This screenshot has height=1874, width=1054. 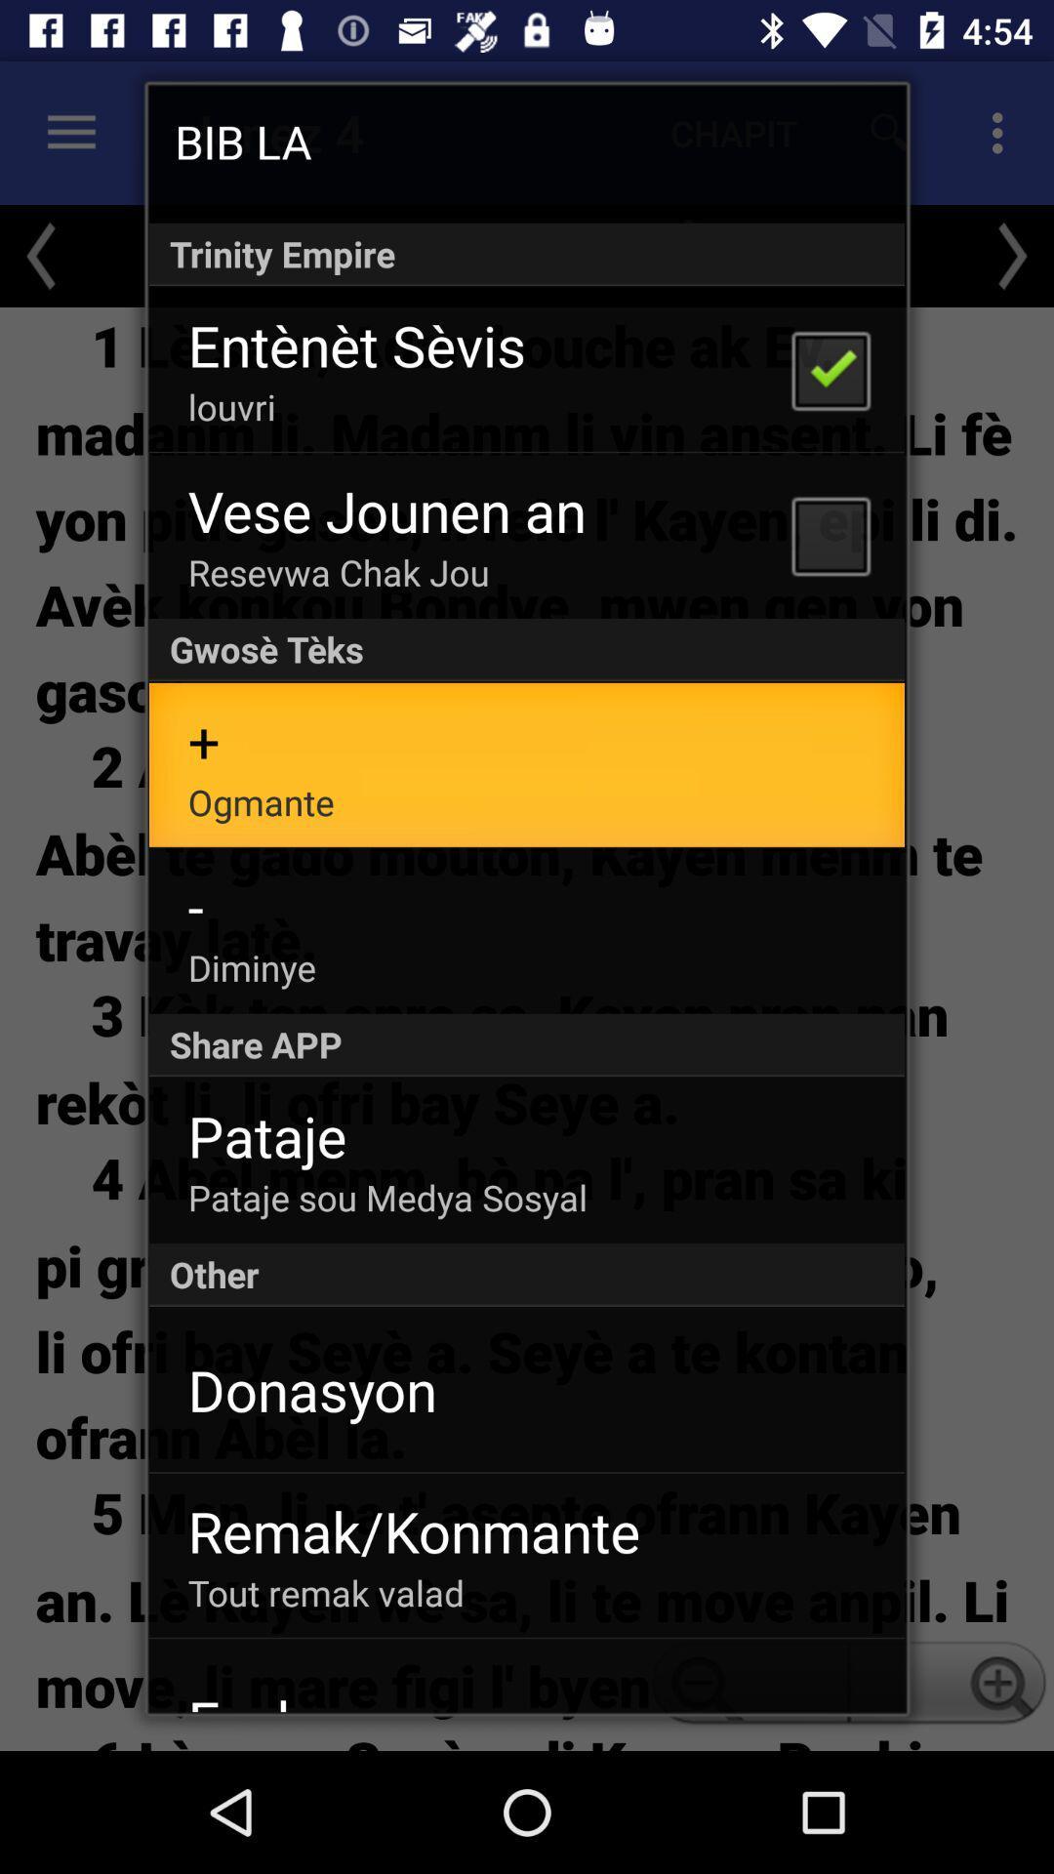 I want to click on -, so click(x=195, y=905).